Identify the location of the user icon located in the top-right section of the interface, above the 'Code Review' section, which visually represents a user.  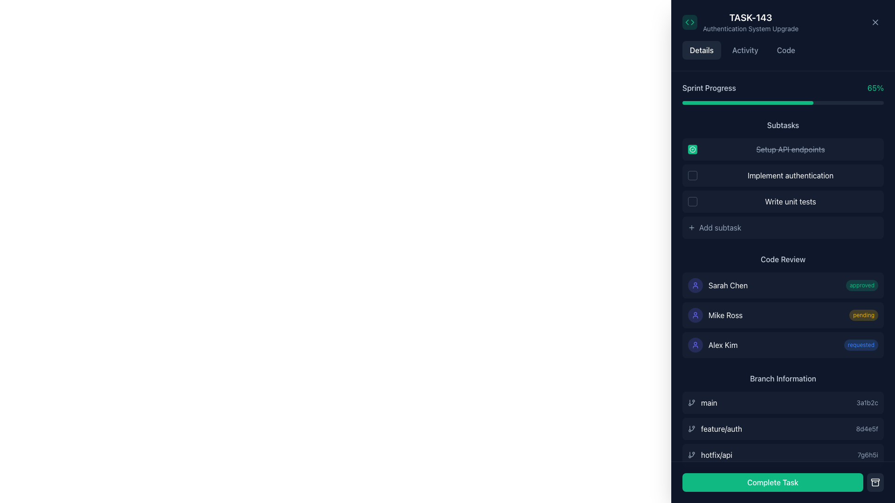
(695, 285).